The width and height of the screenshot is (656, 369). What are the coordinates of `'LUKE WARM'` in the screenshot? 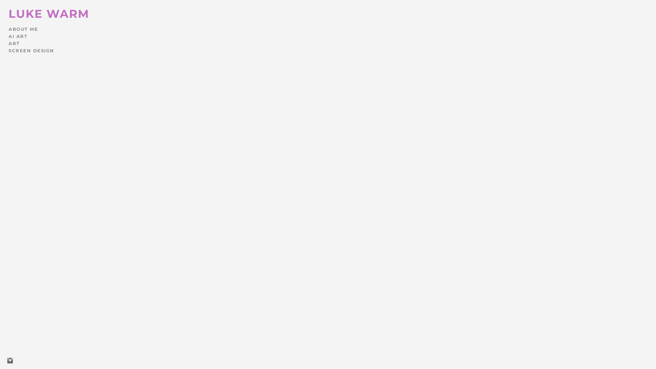 It's located at (8, 13).